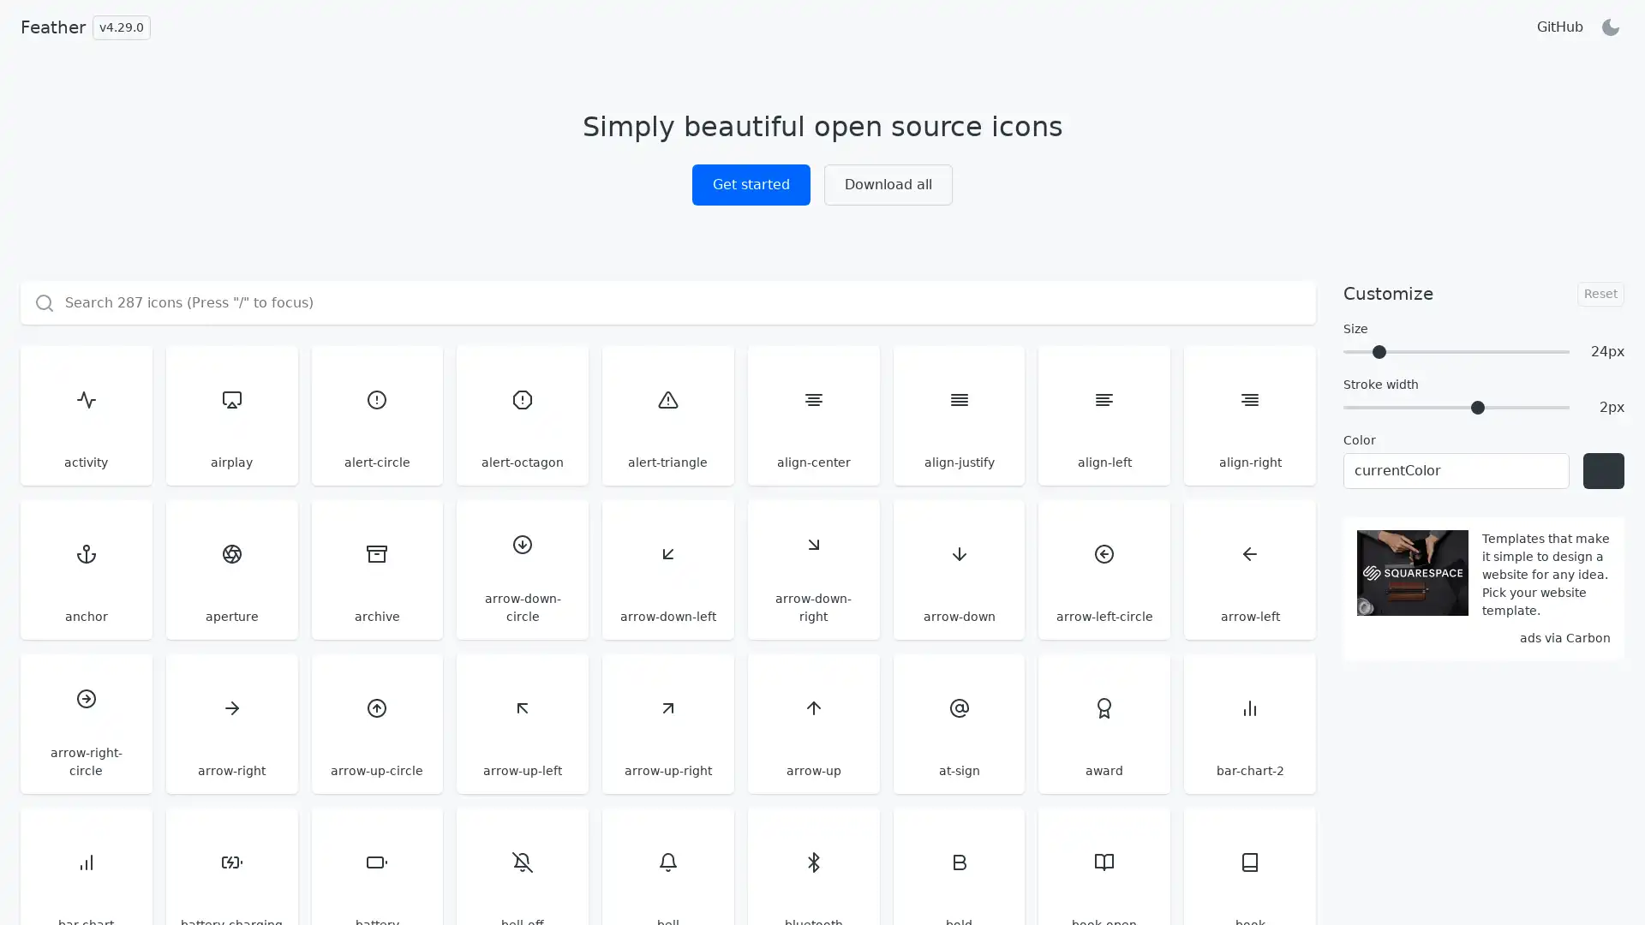  I want to click on arrow-up-circle, so click(376, 723).